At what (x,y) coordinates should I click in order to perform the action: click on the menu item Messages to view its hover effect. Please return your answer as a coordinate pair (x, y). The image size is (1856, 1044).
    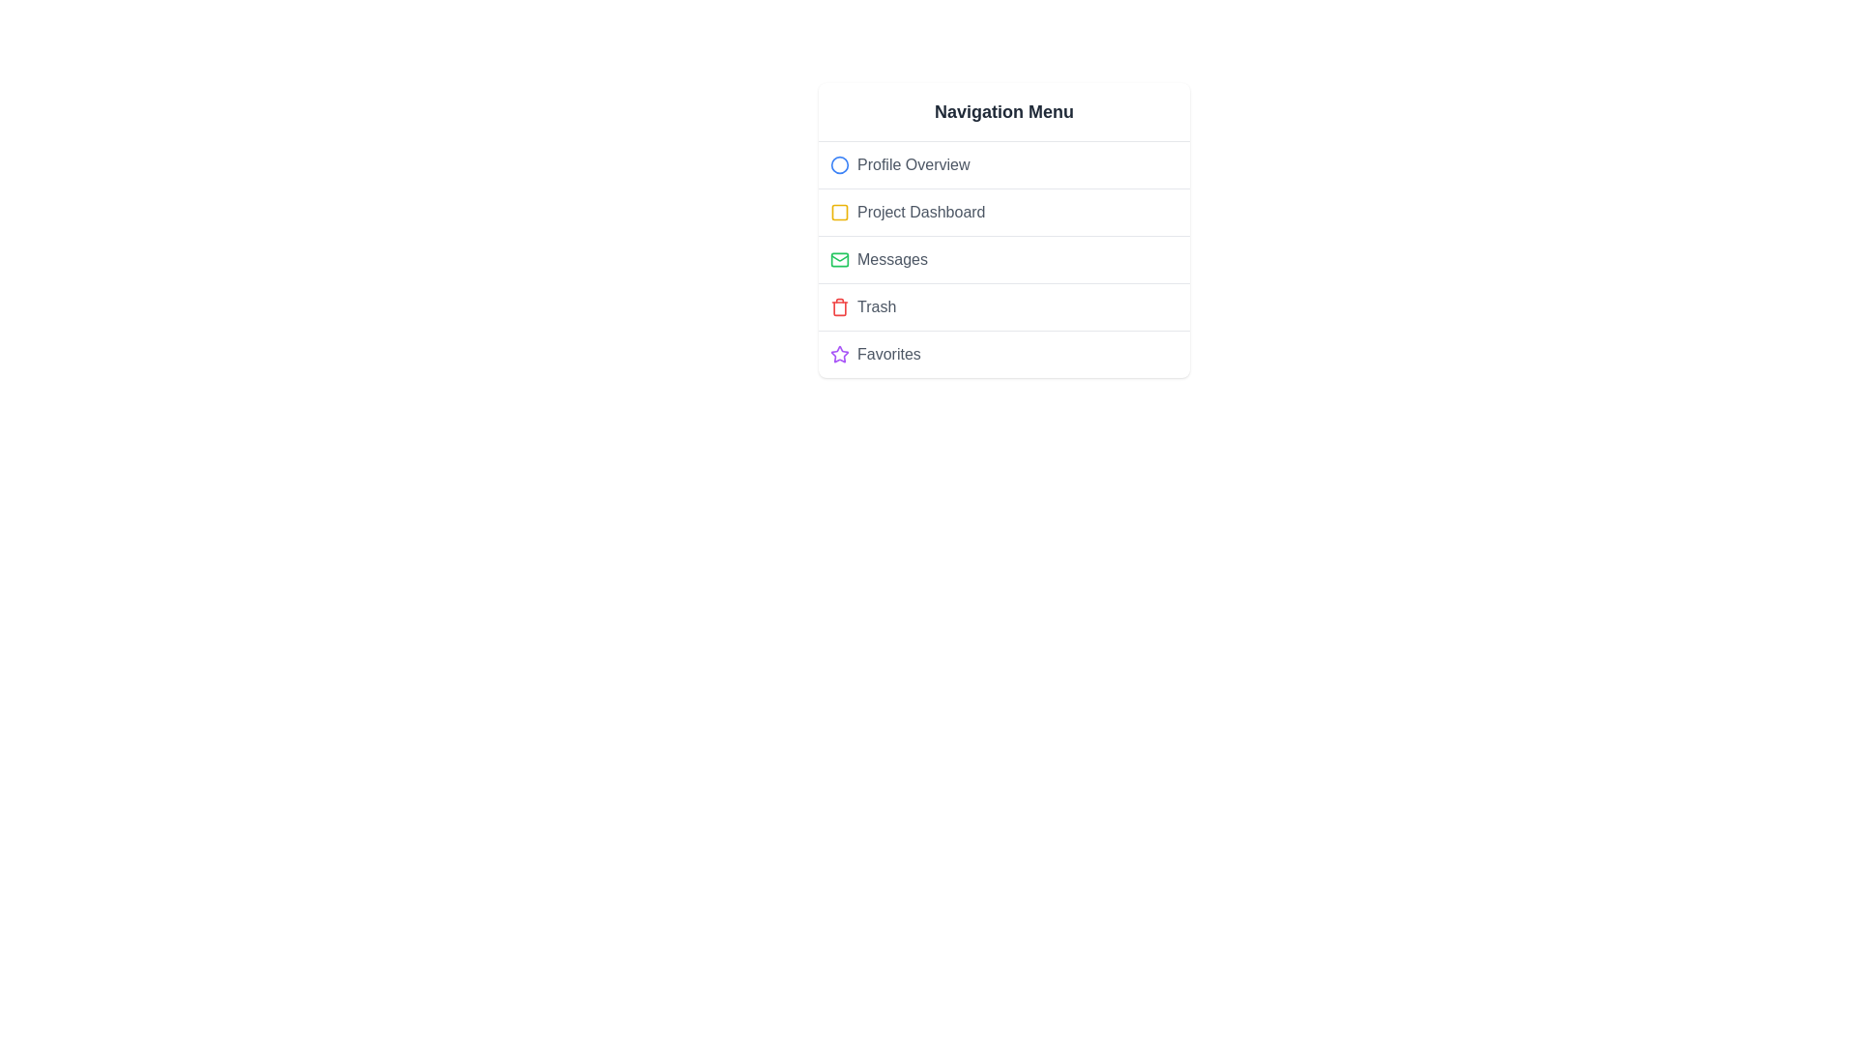
    Looking at the image, I should click on (1003, 258).